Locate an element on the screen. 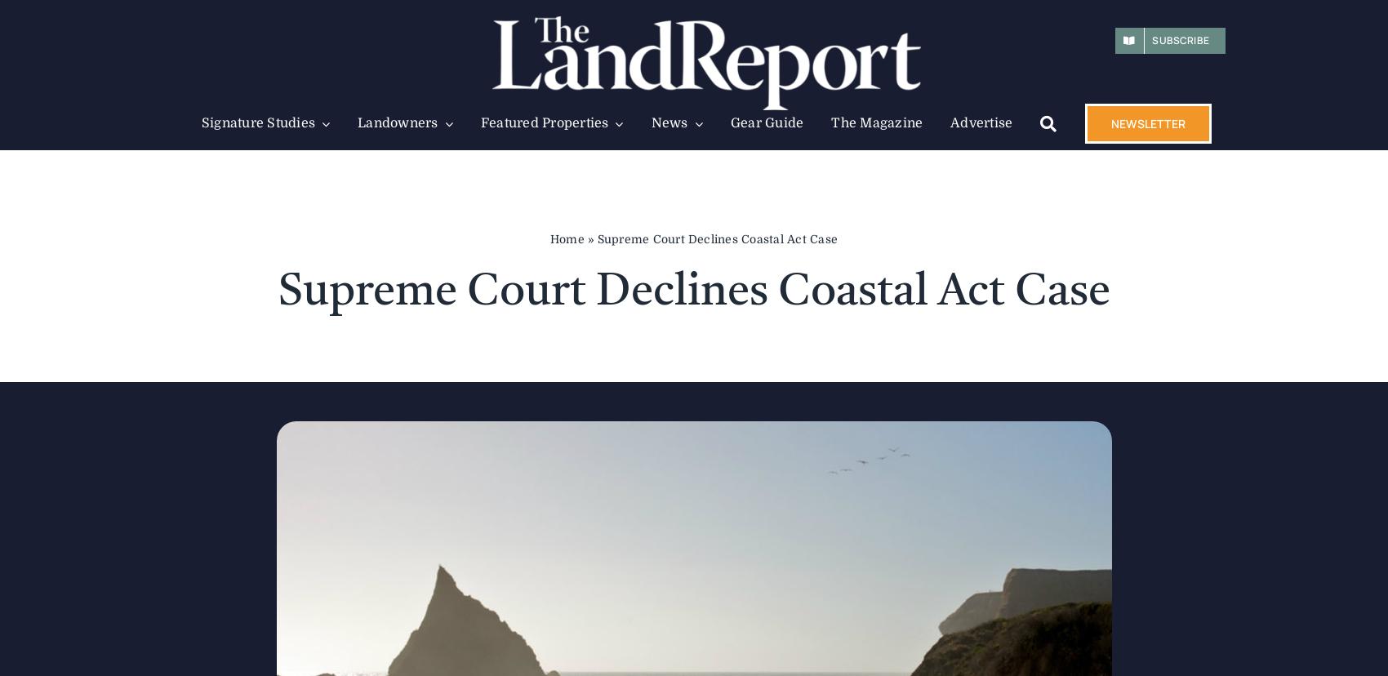 The height and width of the screenshot is (676, 1388). 'Kroenke Buys the Waggoner Ranch' is located at coordinates (1057, 380).